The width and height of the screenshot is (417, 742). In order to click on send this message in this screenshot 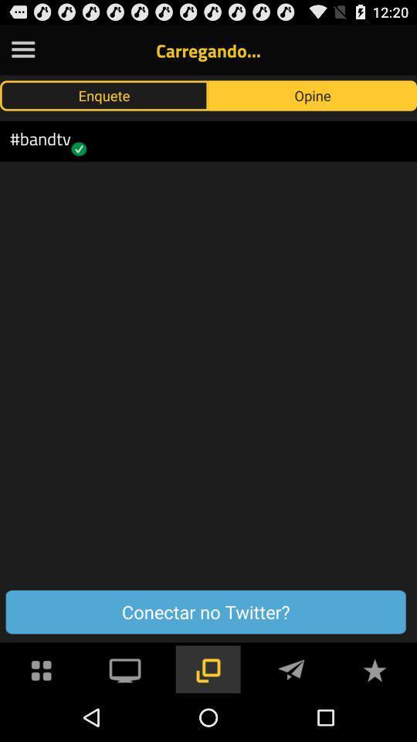, I will do `click(291, 668)`.